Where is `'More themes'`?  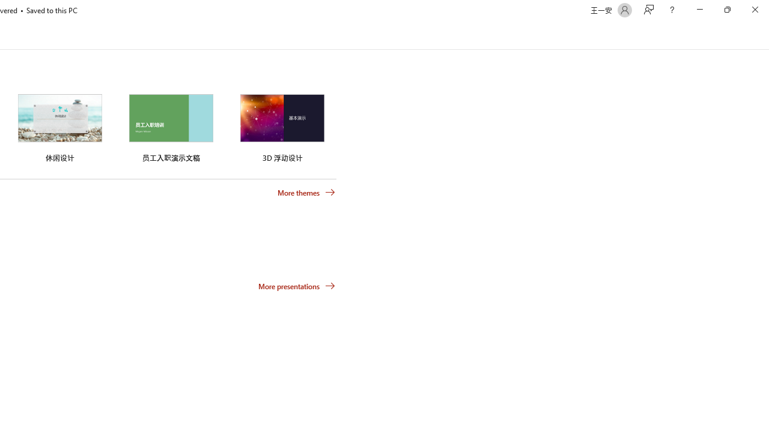
'More themes' is located at coordinates (306, 192).